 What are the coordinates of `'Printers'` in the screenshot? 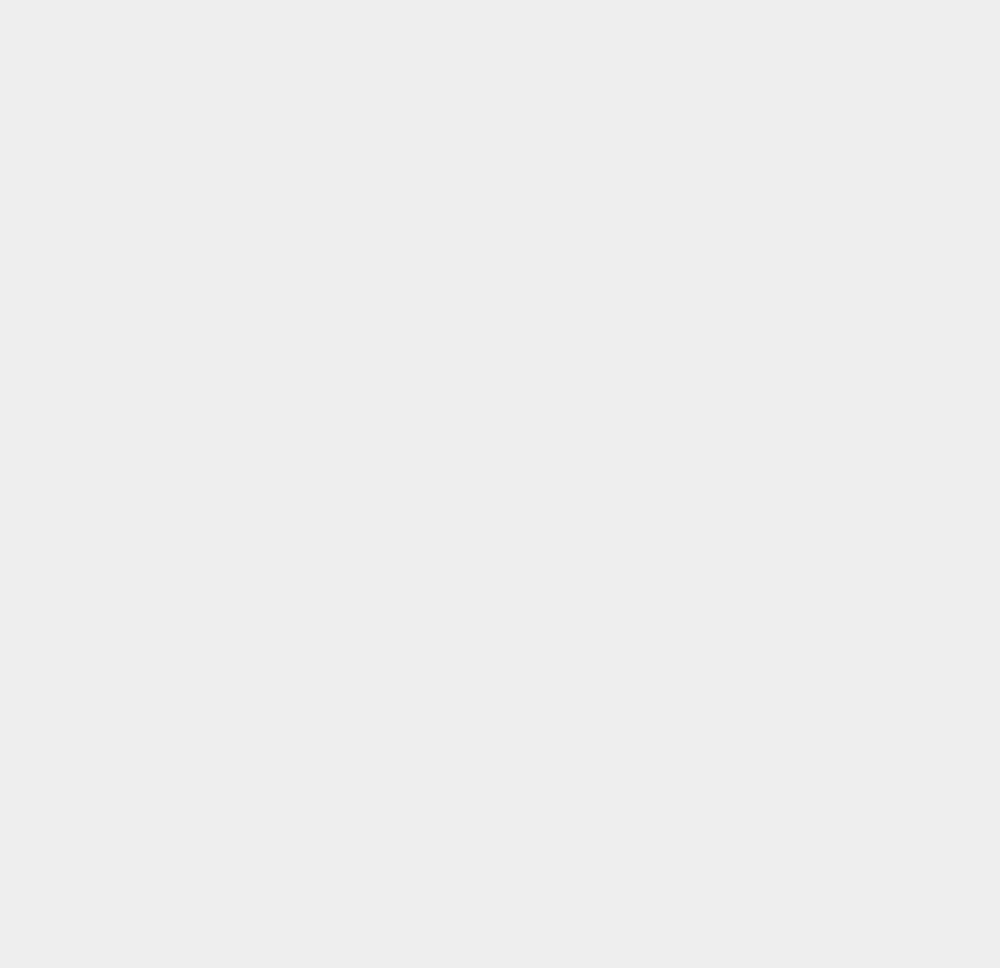 It's located at (729, 182).